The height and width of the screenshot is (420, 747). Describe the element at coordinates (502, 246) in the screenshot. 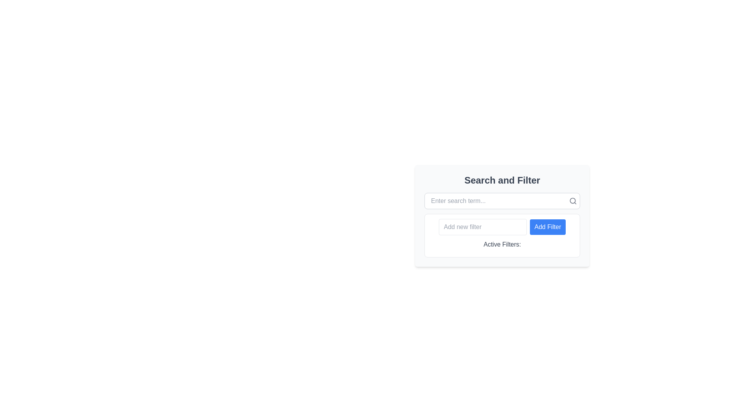

I see `the static text label displaying 'Active Filters:' which is styled with medium-weight gray text and located below the 'Add Filter' button` at that location.